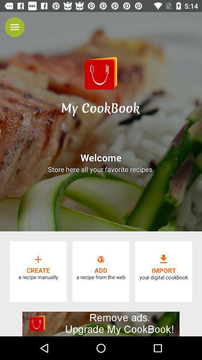  I want to click on page links, so click(15, 27).